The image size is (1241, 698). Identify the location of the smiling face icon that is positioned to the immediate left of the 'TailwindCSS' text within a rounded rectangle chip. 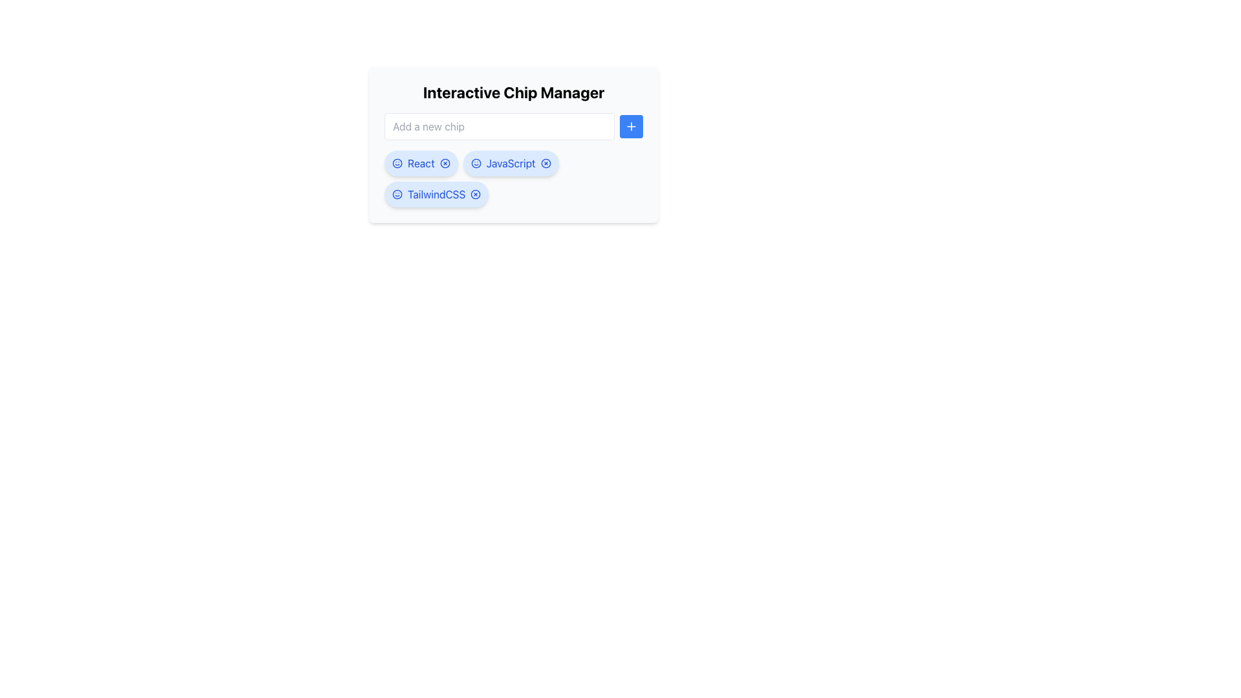
(396, 194).